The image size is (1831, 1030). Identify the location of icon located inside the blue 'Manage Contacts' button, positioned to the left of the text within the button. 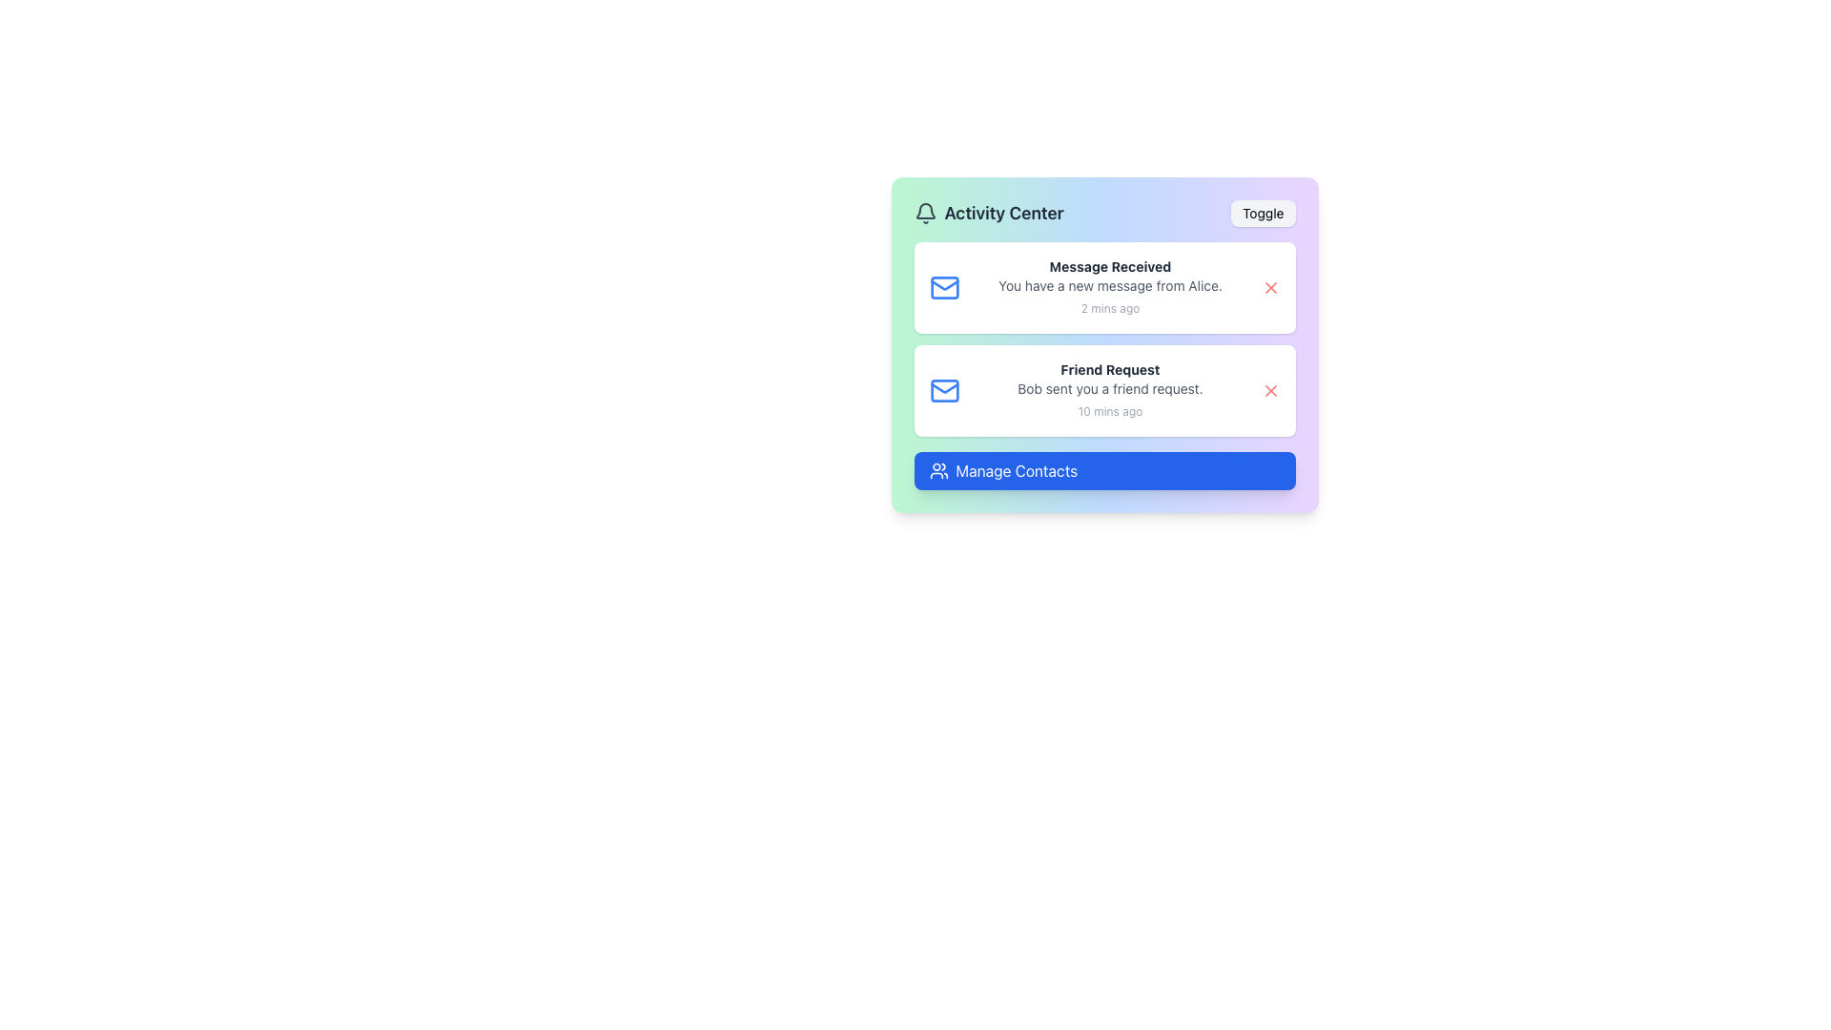
(938, 470).